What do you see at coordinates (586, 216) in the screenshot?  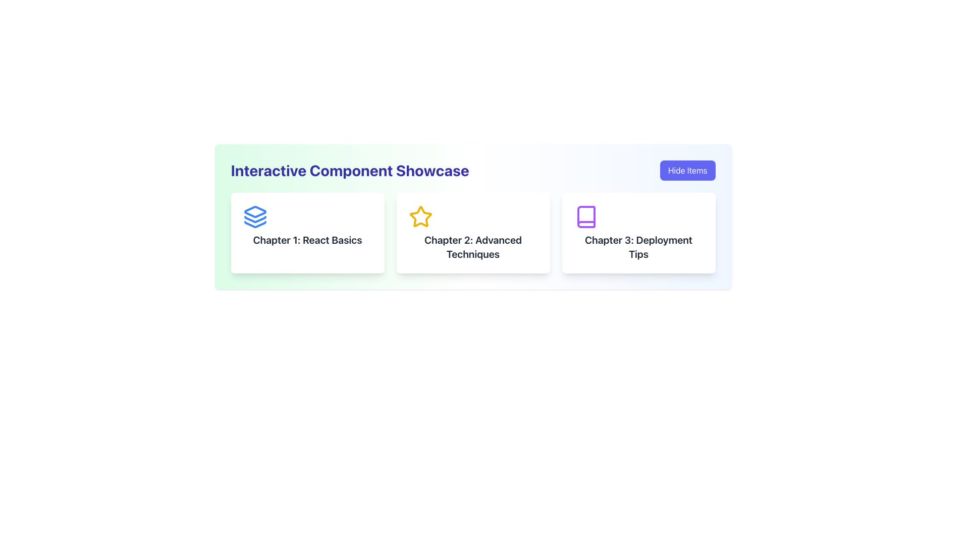 I see `the decorative icon representing 'Chapter 3: Deployment Tips' located inside the third card on the right in the horizontal layout` at bounding box center [586, 216].